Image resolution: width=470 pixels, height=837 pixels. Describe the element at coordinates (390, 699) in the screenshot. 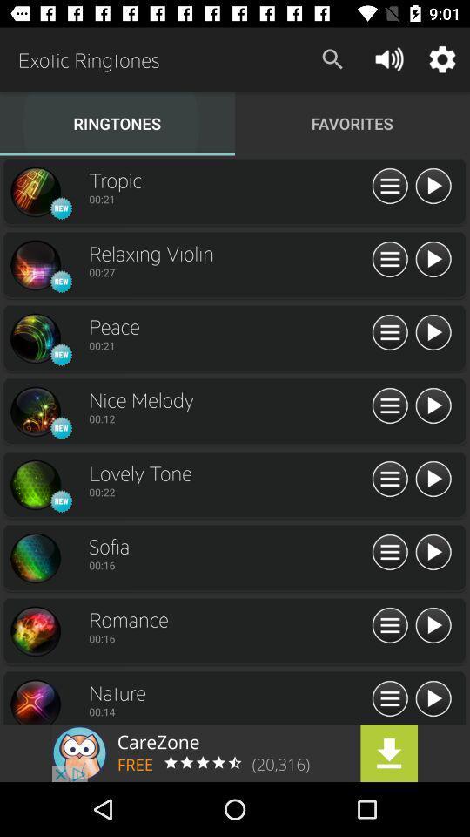

I see `open menu` at that location.